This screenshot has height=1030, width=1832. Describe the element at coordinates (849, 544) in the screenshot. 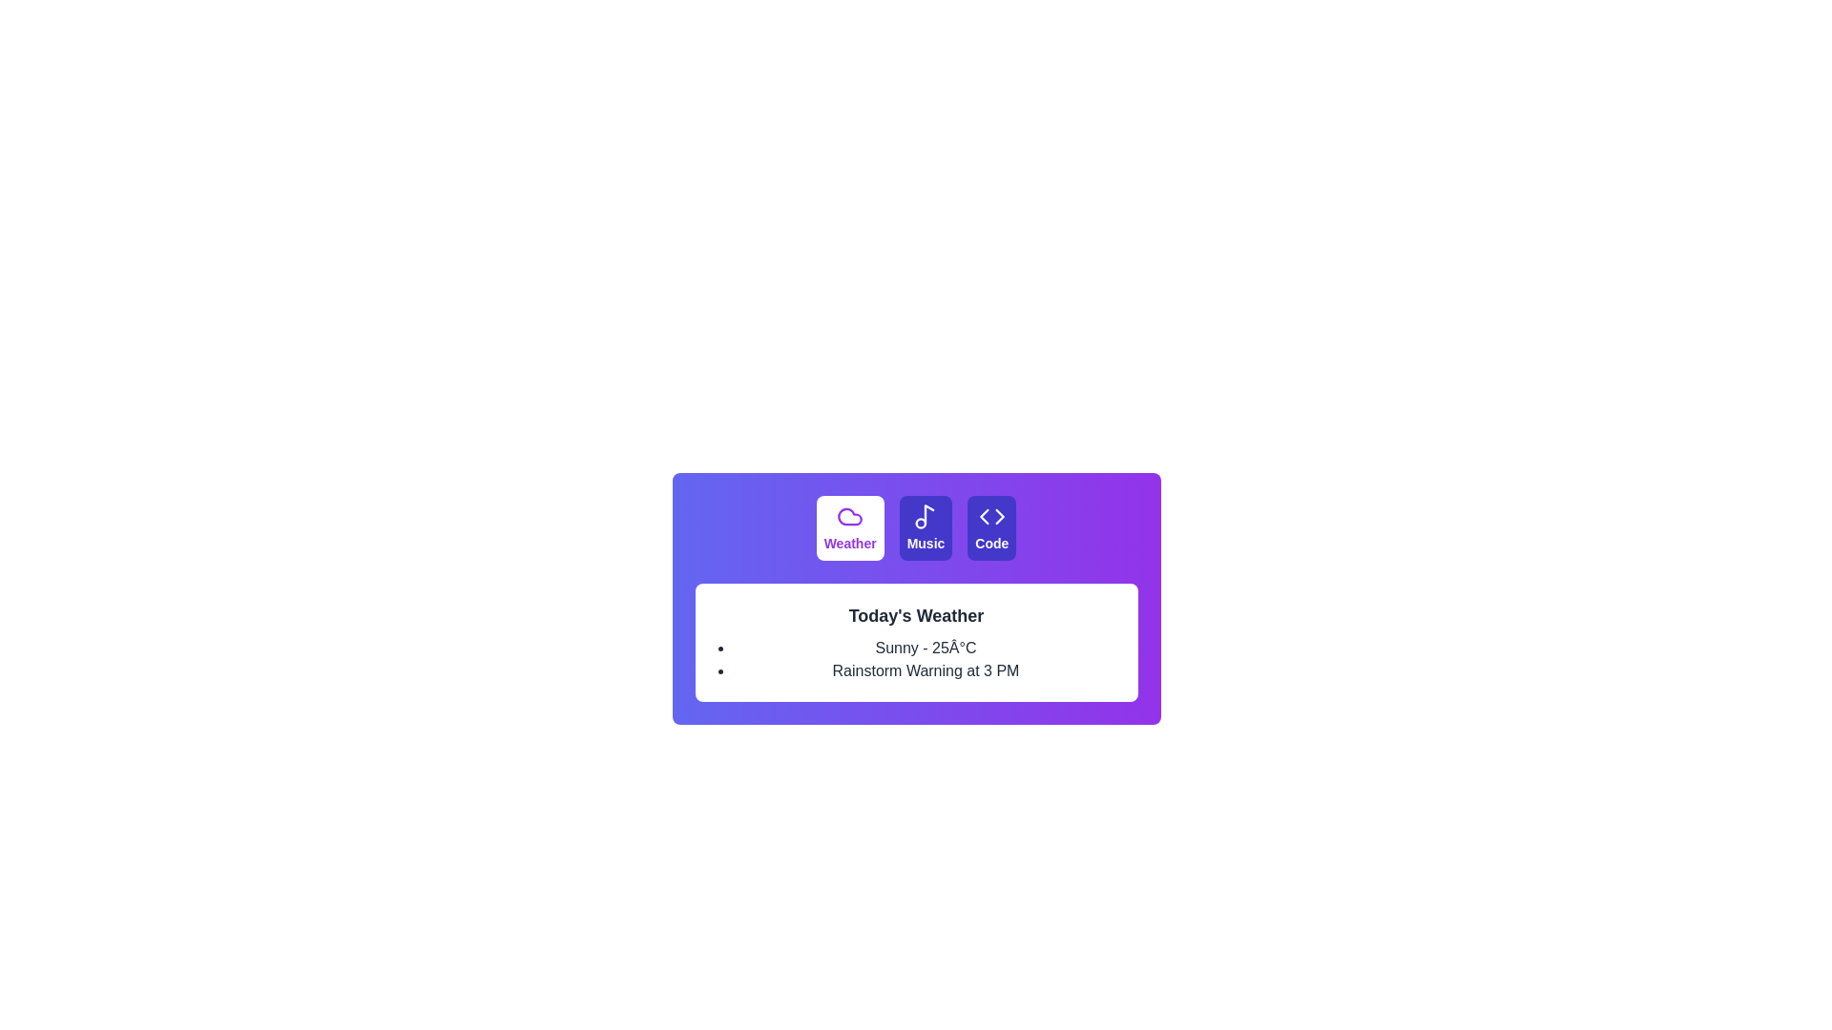

I see `the 'Weather' text label, which is styled with a bold purple font and positioned below a cloud icon in the top-left section of the card` at that location.